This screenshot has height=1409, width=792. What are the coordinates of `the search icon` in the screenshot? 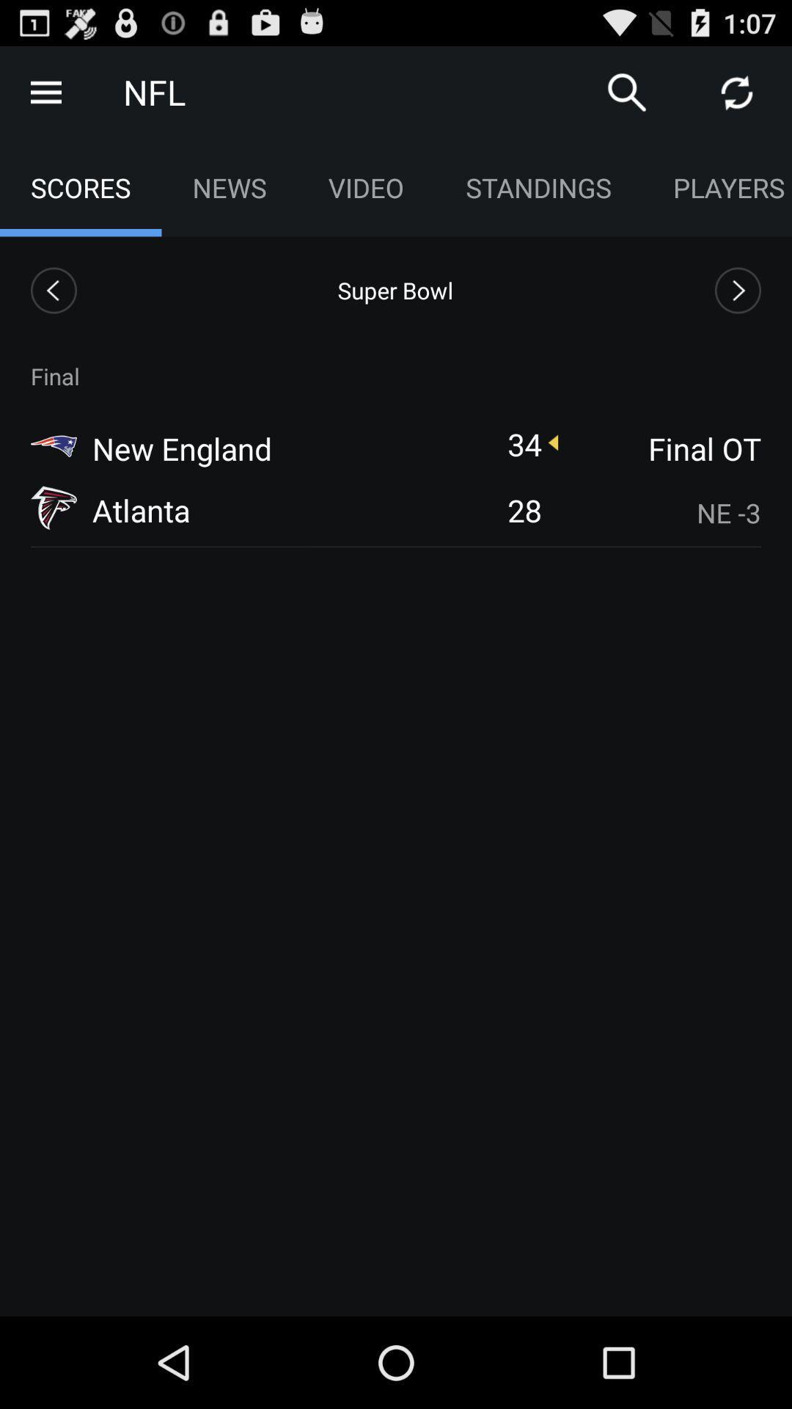 It's located at (627, 98).